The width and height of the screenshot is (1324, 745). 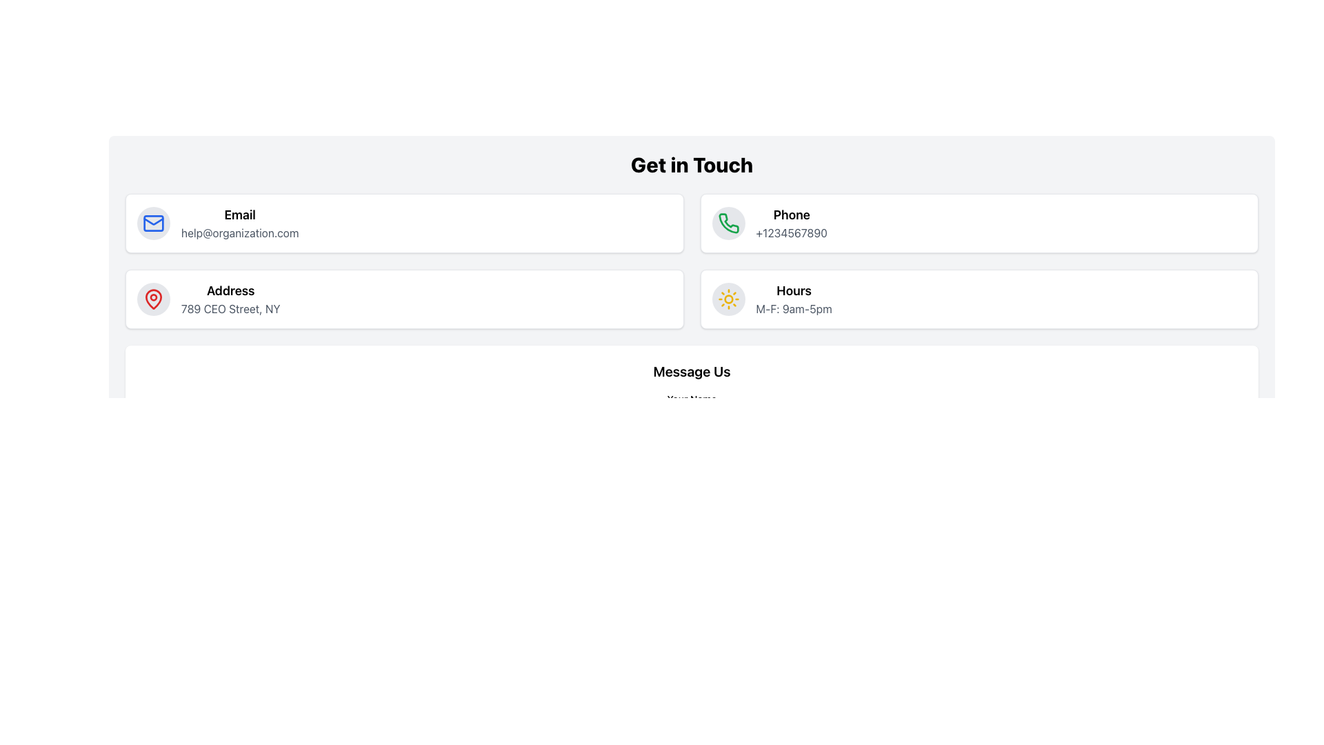 I want to click on the static text label that reads 'Phone', prominently styled in large bold font, located in the upper-right section of the 'Get in Touch' panel, adjacent to a phone icon and above the number '+1234567890', so click(x=792, y=215).